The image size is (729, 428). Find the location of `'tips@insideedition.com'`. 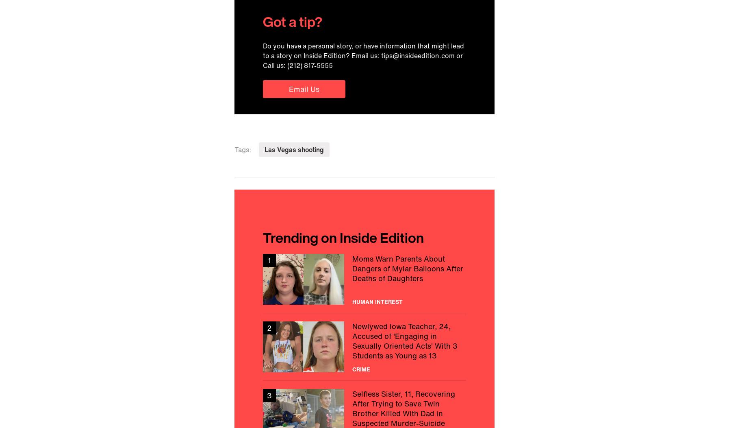

'tips@insideedition.com' is located at coordinates (417, 55).